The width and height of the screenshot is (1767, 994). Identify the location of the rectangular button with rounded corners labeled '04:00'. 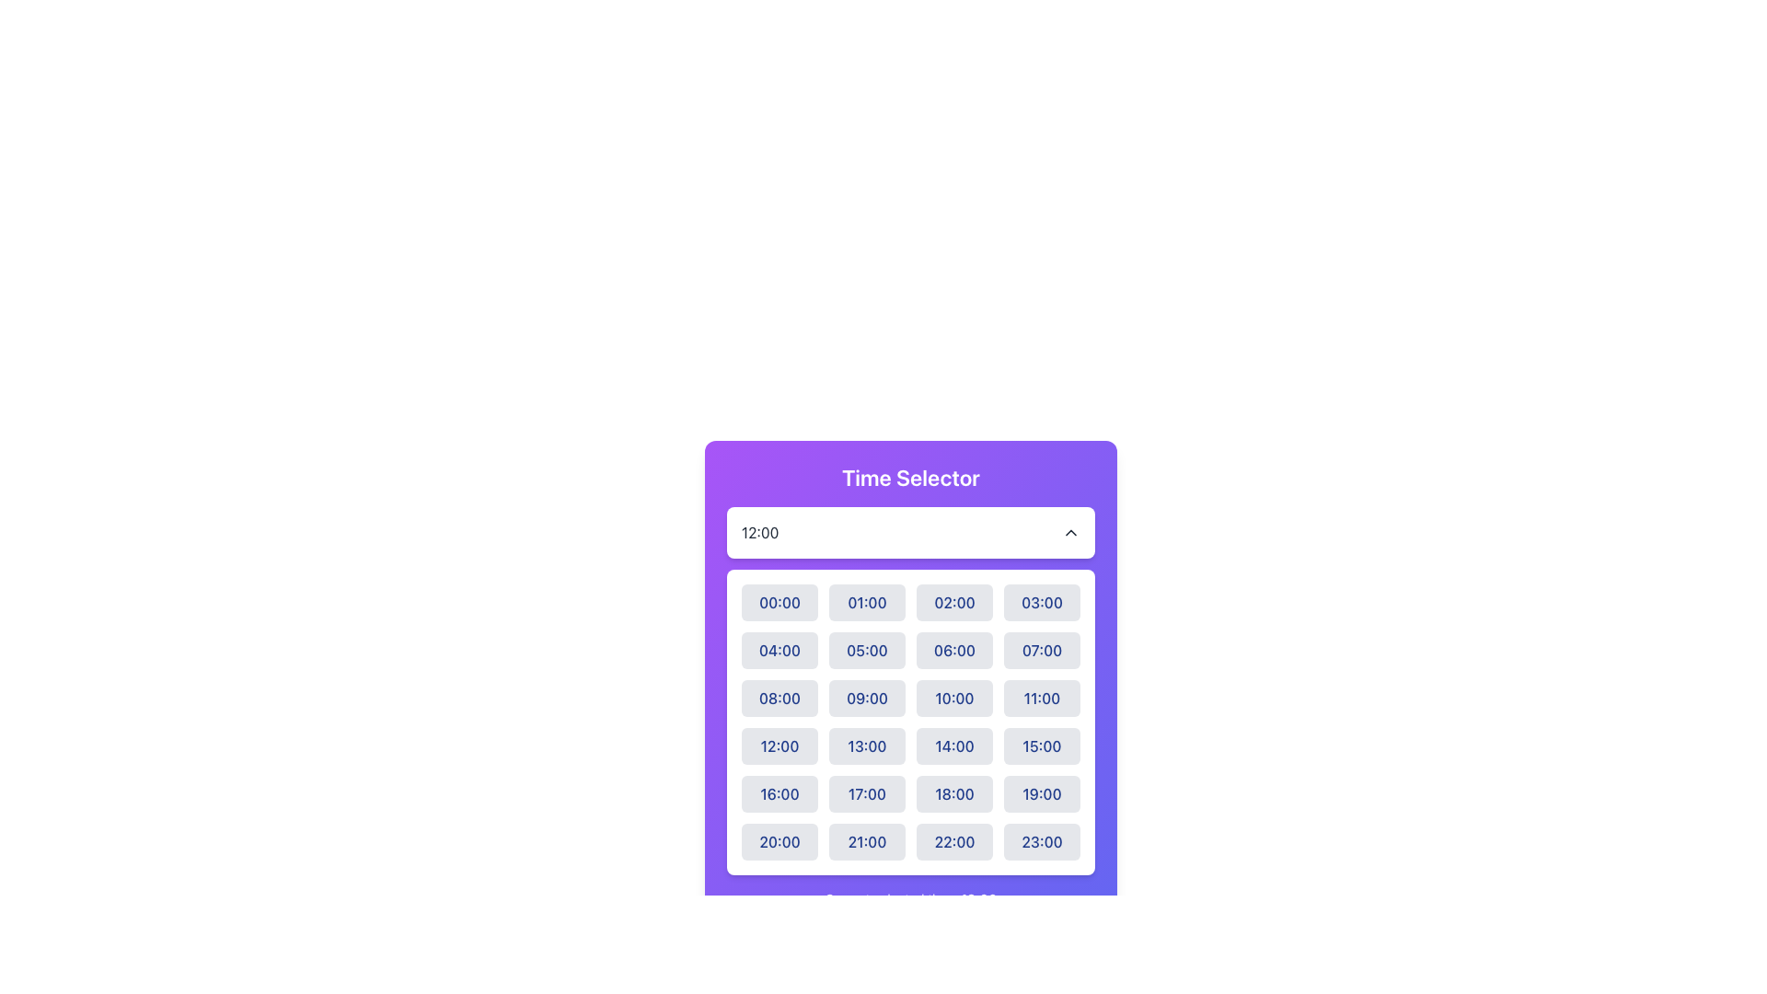
(780, 649).